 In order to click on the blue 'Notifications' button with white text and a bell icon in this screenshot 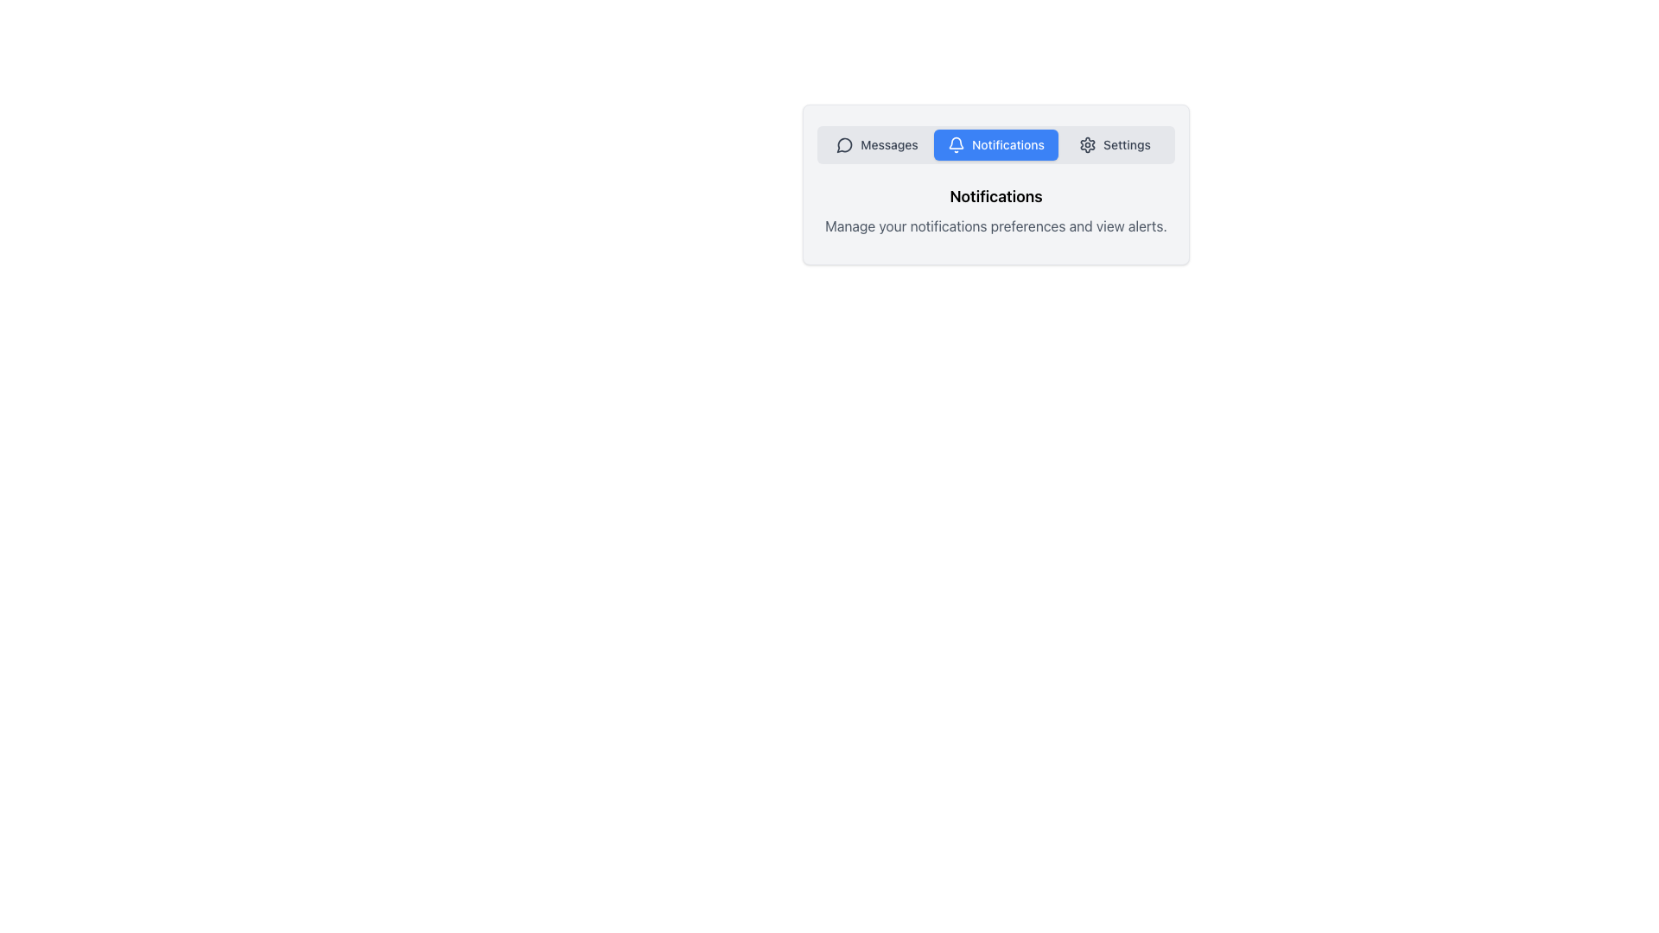, I will do `click(995, 144)`.